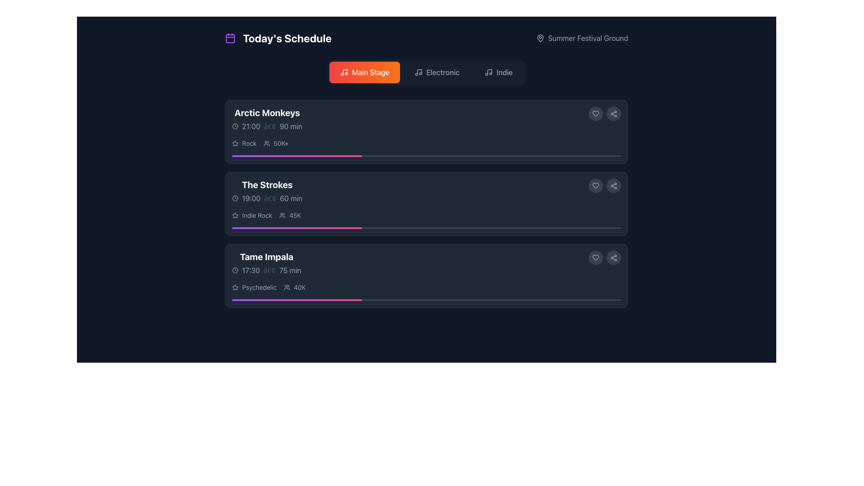  What do you see at coordinates (297, 156) in the screenshot?
I see `the progress bar with a gradient coloring transitioning from purple to pink, located under the 'Arctic Monkeys' event` at bounding box center [297, 156].